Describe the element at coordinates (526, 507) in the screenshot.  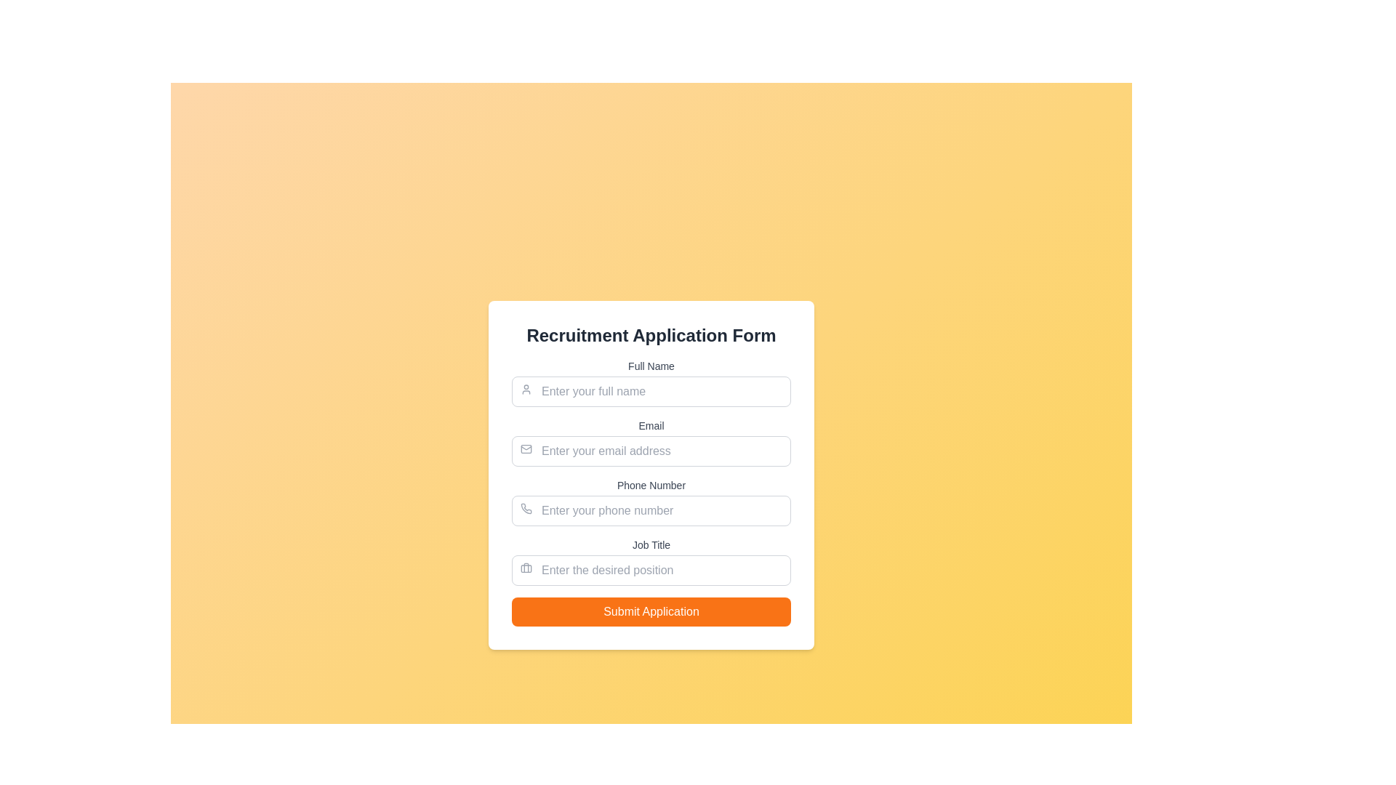
I see `the gray outline phone icon, which is positioned on the left side of the 'Phone Number' input field` at that location.